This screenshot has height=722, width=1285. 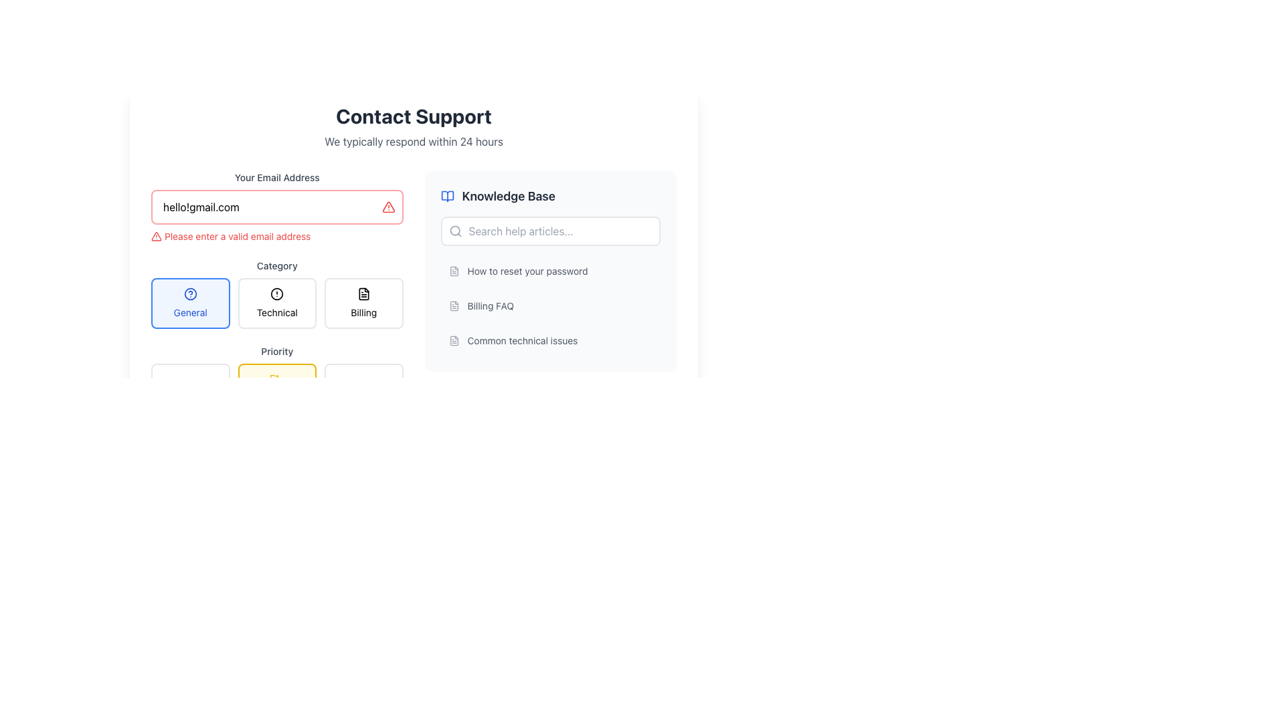 I want to click on the 'Technical' button, which has a white background, rounded corners, an alert icon, and is located in the middle of the three category buttons under the 'Category' section, so click(x=276, y=304).